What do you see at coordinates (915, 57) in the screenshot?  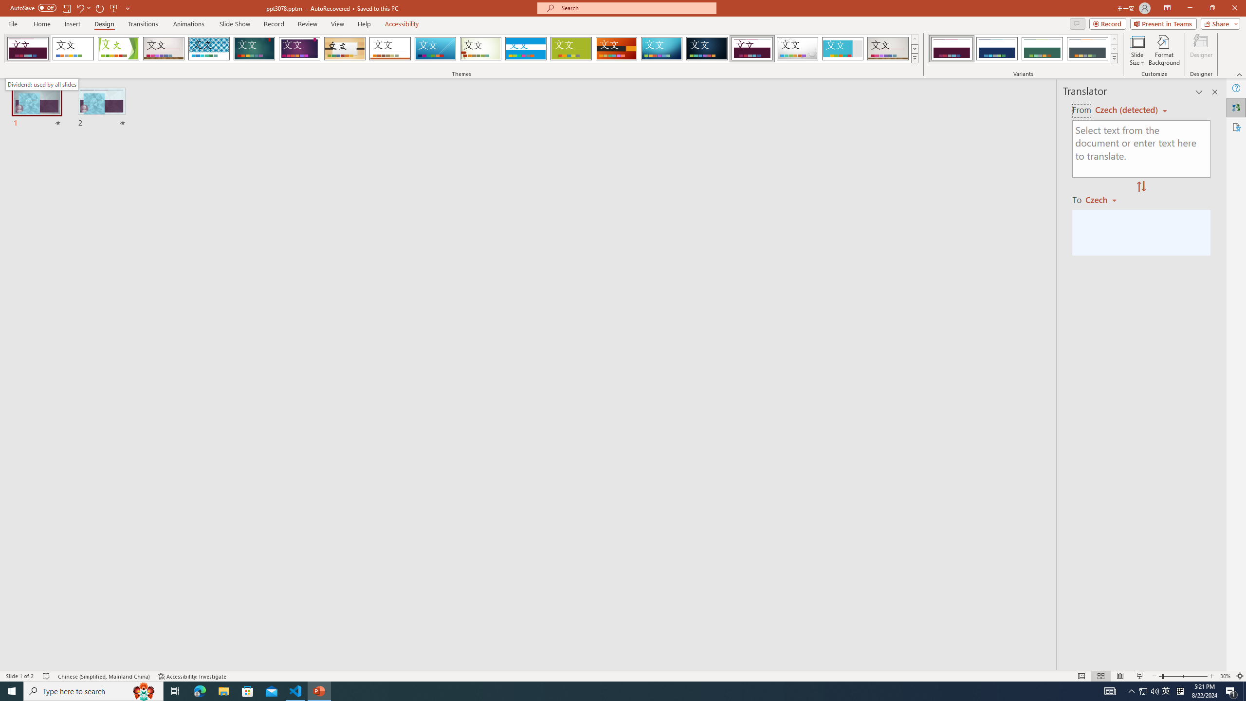 I see `'Themes'` at bounding box center [915, 57].